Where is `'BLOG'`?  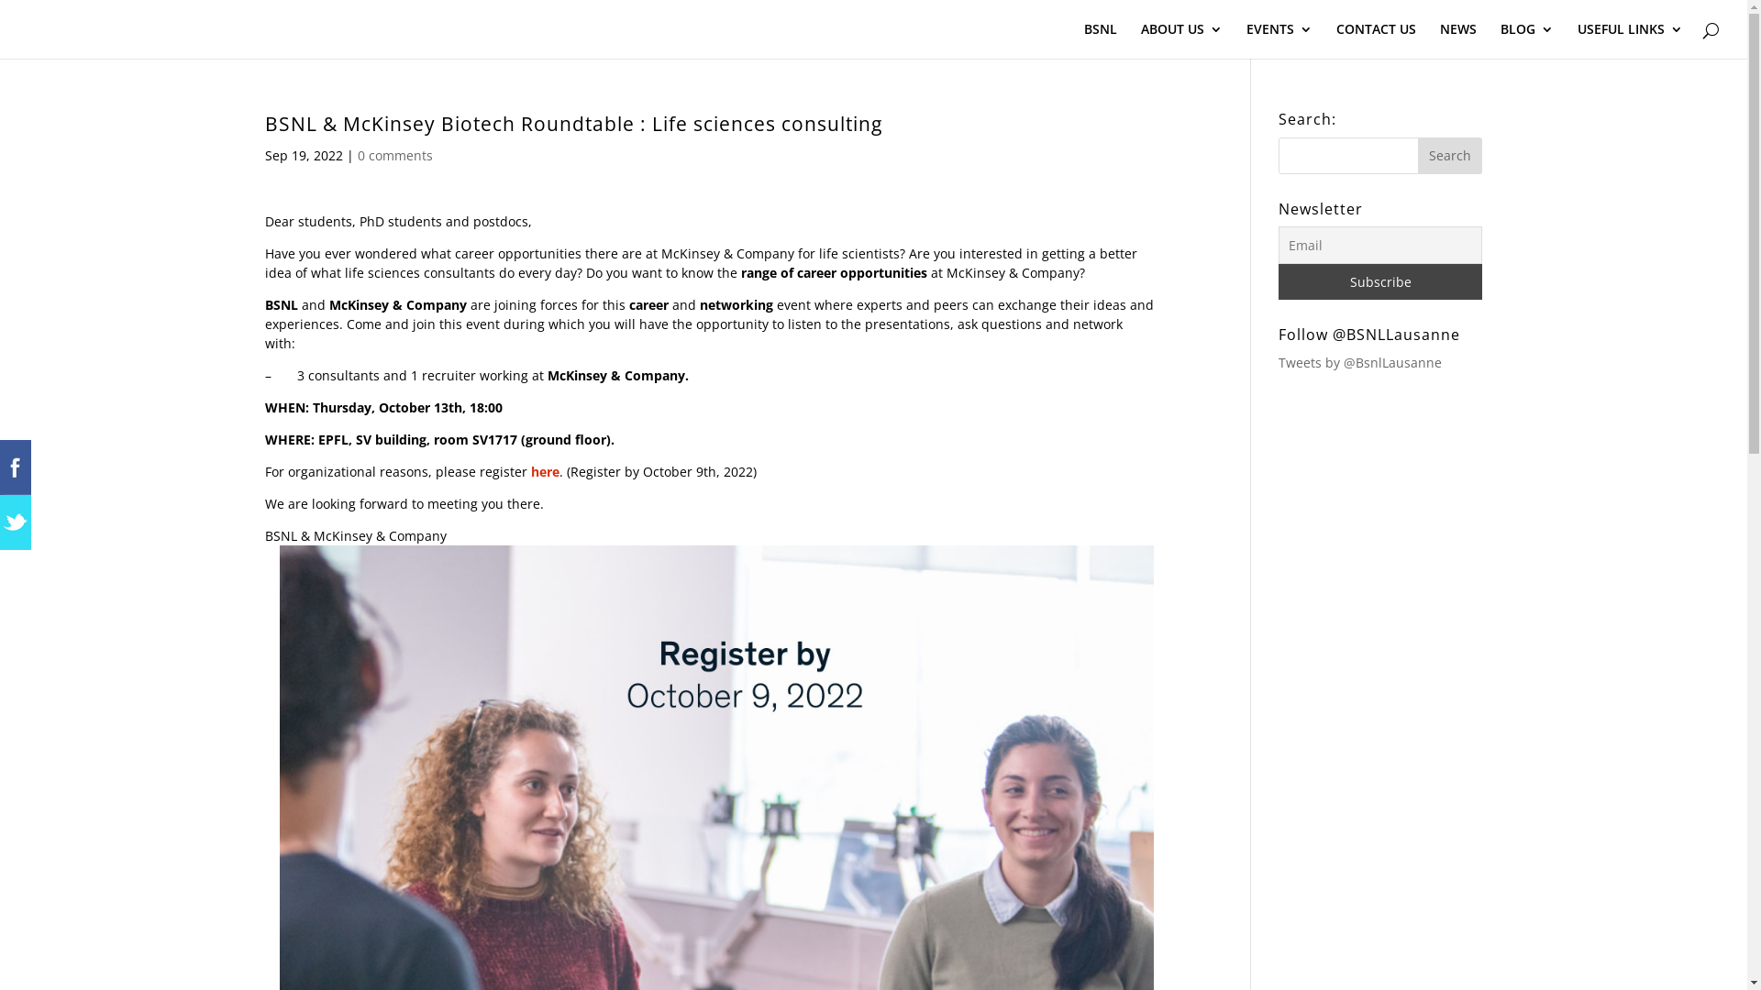 'BLOG' is located at coordinates (1527, 40).